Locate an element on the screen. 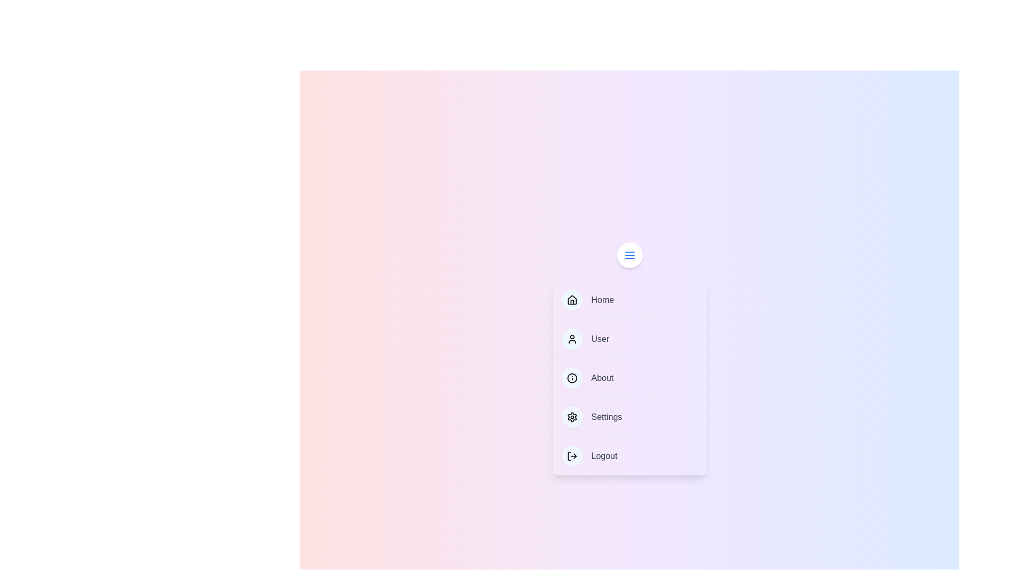 The width and height of the screenshot is (1026, 577). the icon of the menu item labeled User is located at coordinates (571, 339).